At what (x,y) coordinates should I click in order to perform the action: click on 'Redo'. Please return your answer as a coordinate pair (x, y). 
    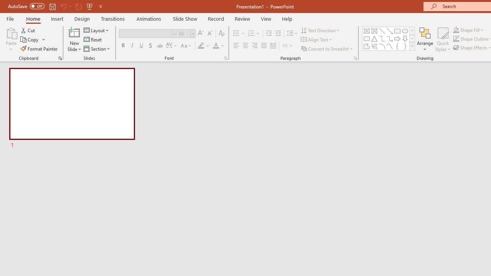
    Looking at the image, I should click on (78, 6).